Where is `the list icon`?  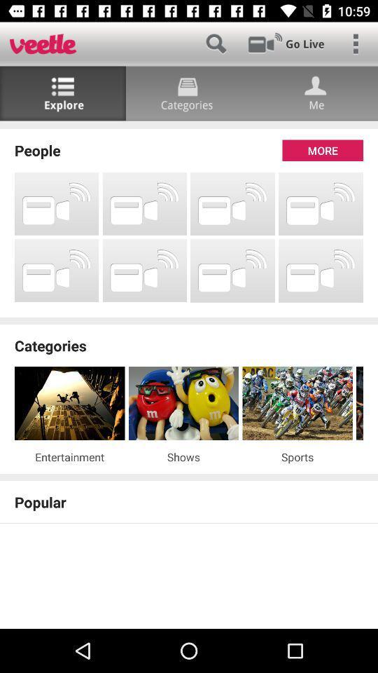
the list icon is located at coordinates (62, 93).